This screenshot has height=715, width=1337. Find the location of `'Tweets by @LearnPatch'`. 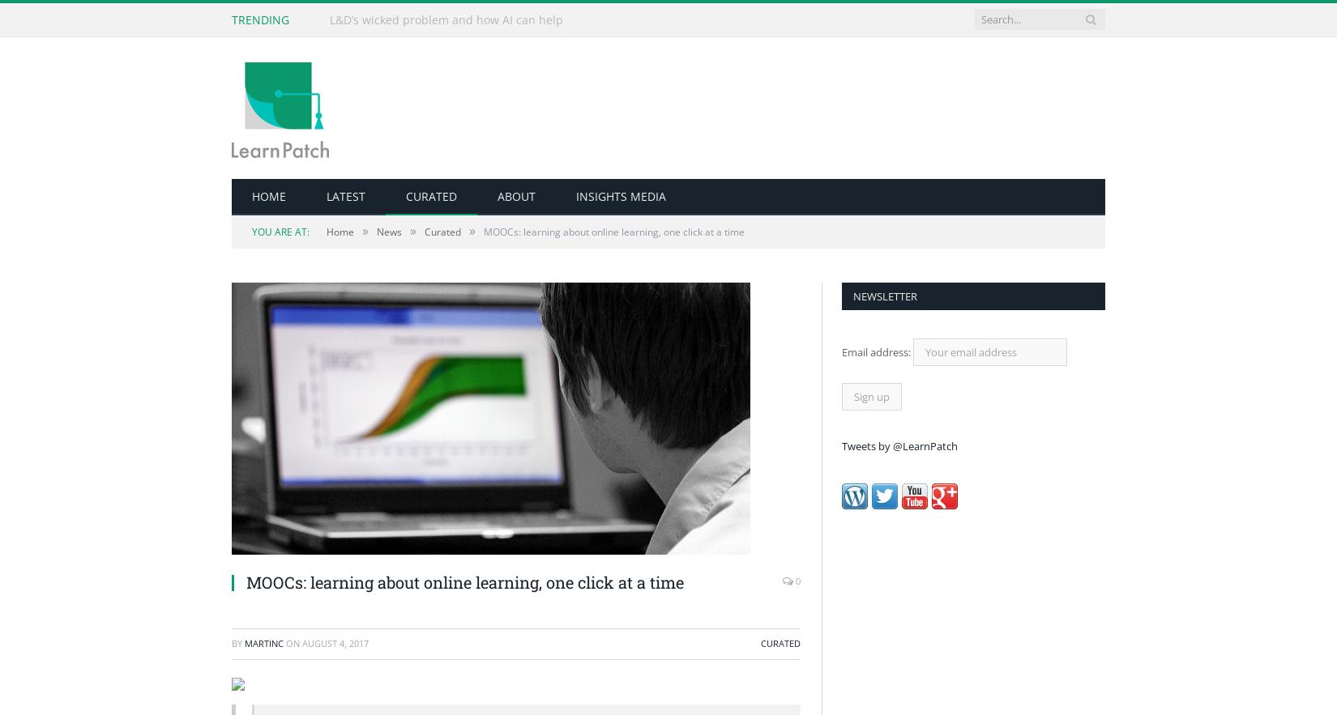

'Tweets by @LearnPatch' is located at coordinates (899, 445).